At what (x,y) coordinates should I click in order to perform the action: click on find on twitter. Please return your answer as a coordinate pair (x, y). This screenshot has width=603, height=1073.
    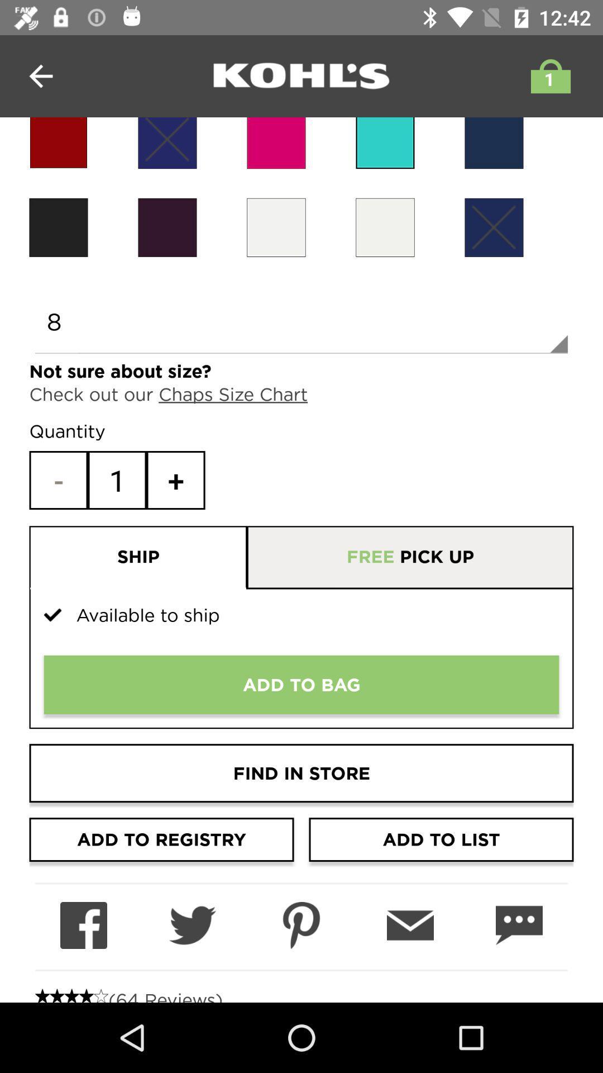
    Looking at the image, I should click on (192, 925).